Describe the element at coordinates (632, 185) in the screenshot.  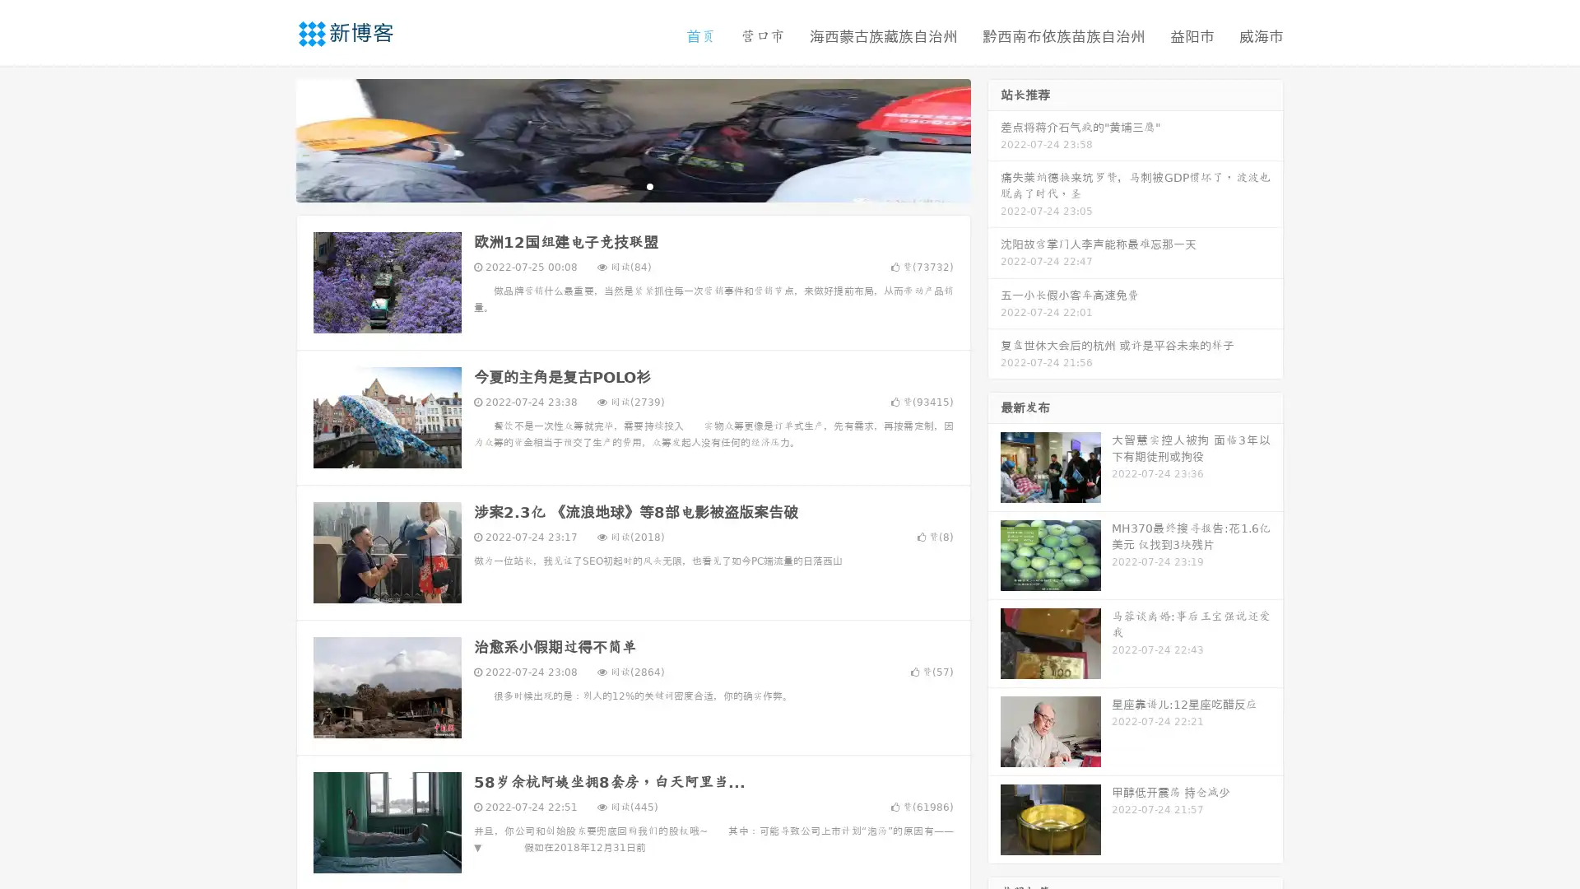
I see `Go to slide 2` at that location.